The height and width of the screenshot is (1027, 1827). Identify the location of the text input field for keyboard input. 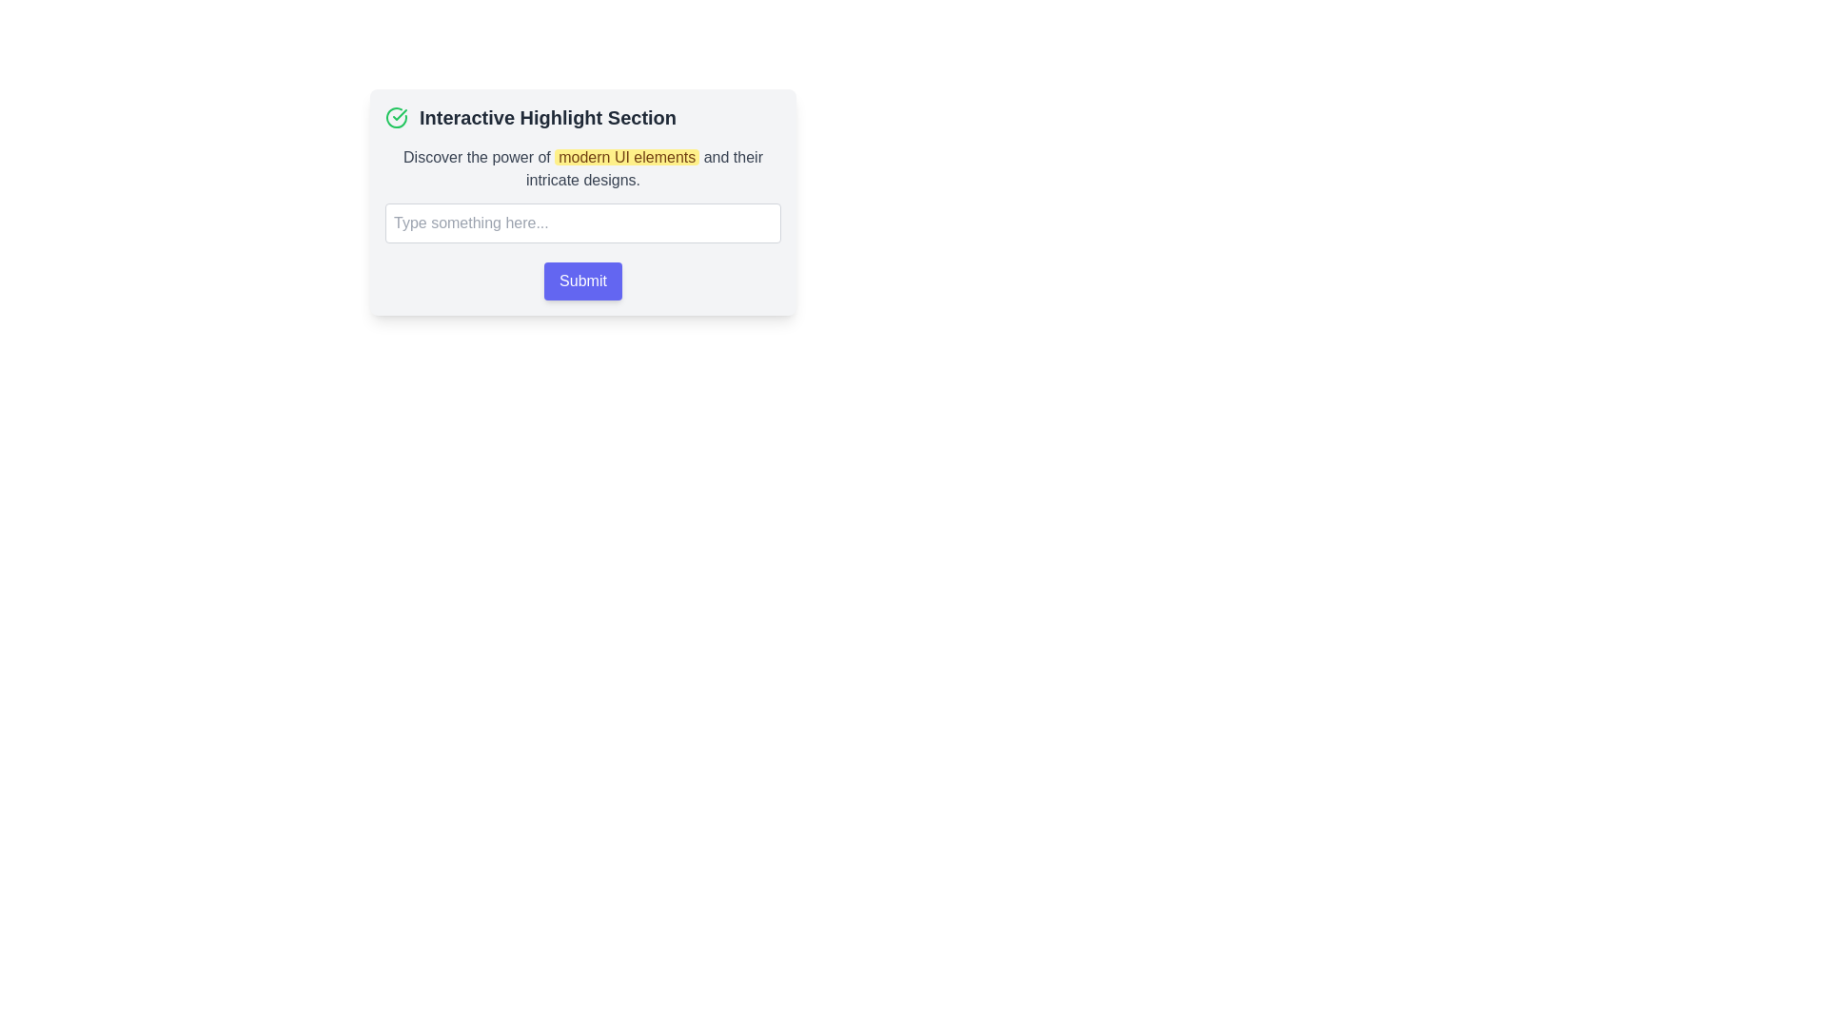
(582, 223).